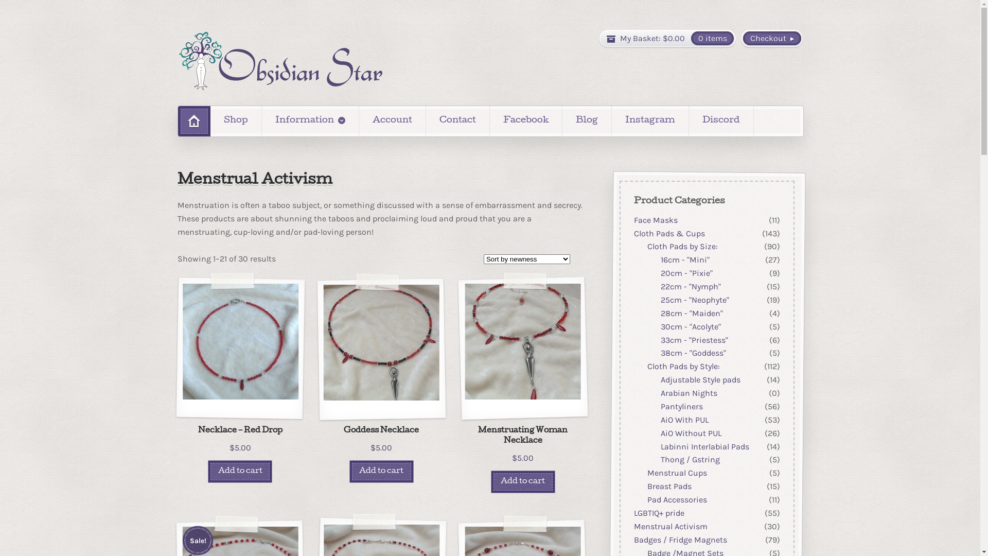 The height and width of the screenshot is (556, 988). What do you see at coordinates (682, 247) in the screenshot?
I see `'Cloth Pads by Size:'` at bounding box center [682, 247].